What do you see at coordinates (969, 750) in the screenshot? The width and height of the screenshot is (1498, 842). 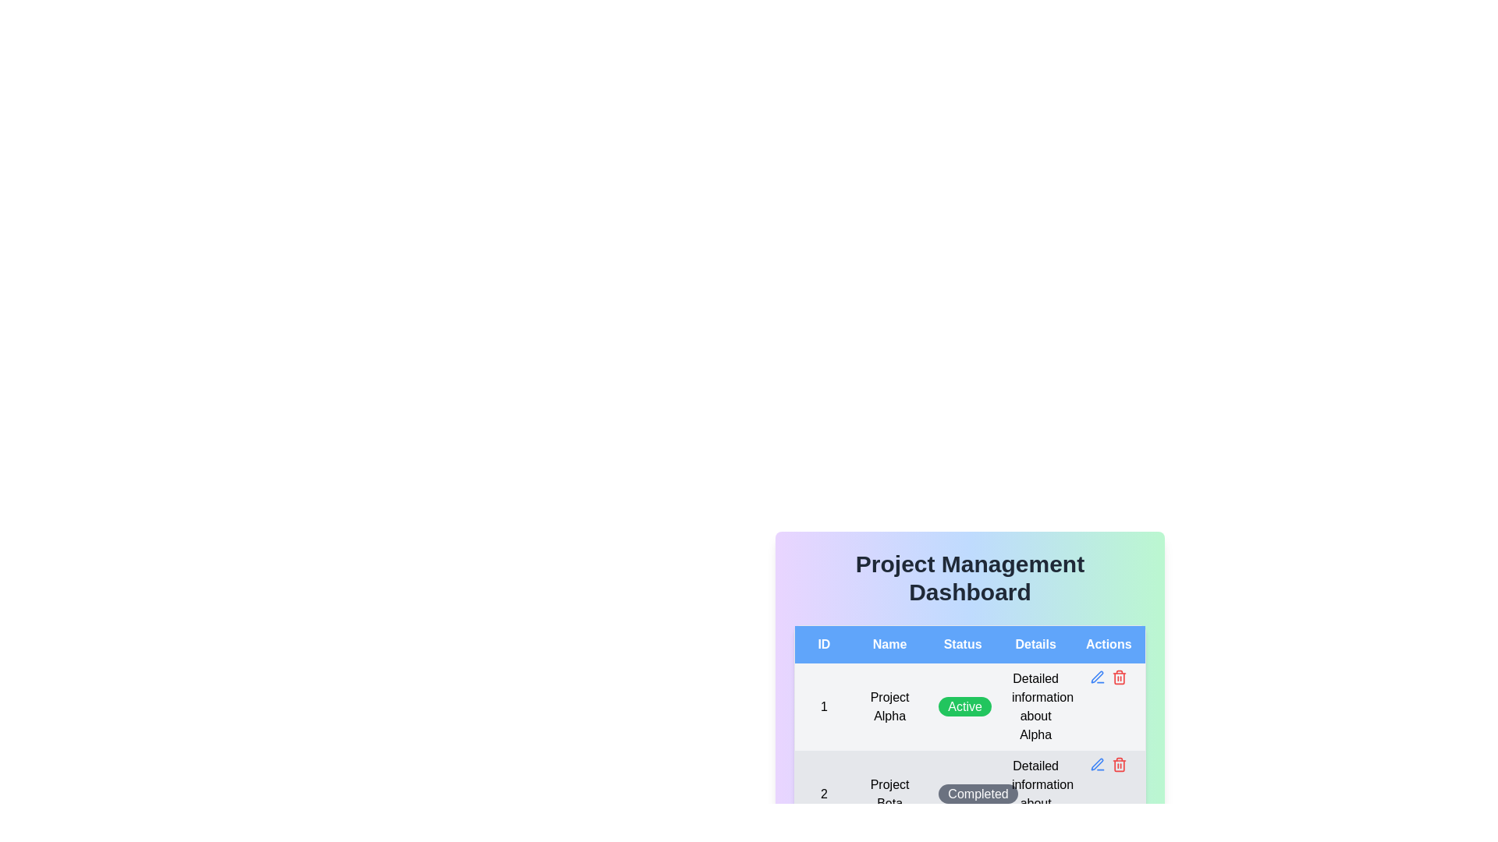 I see `the second row of the table displaying summarized information about 'Project Beta'` at bounding box center [969, 750].